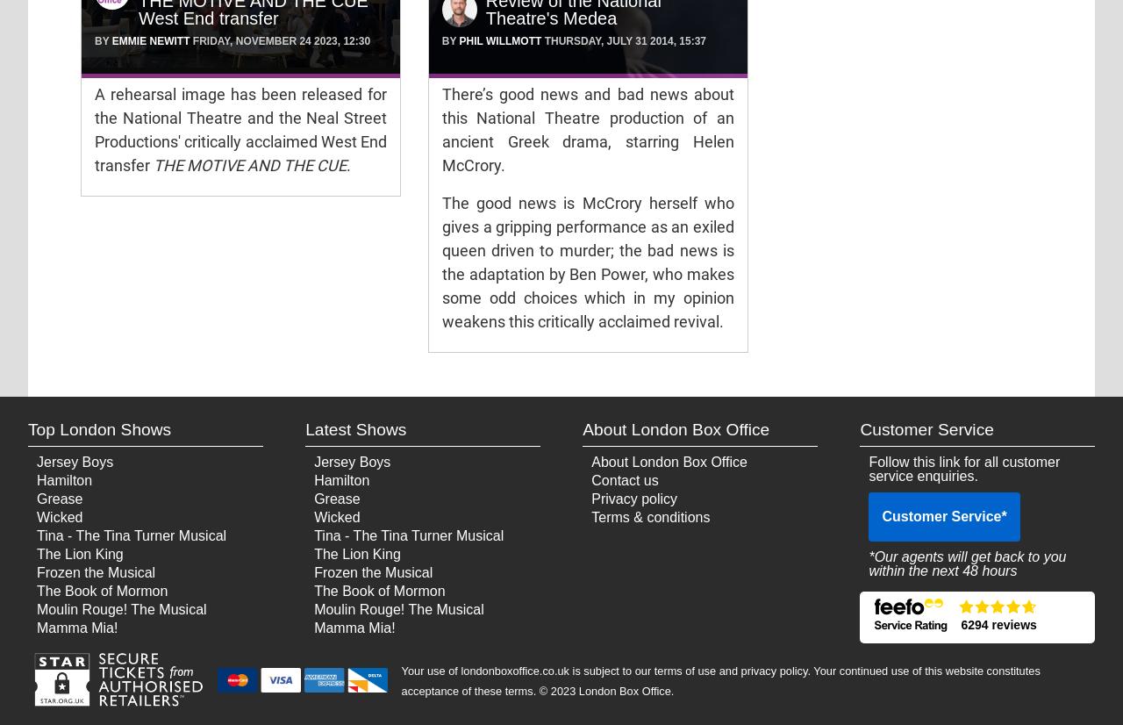 This screenshot has width=1123, height=725. I want to click on 'Privacy policy', so click(633, 498).